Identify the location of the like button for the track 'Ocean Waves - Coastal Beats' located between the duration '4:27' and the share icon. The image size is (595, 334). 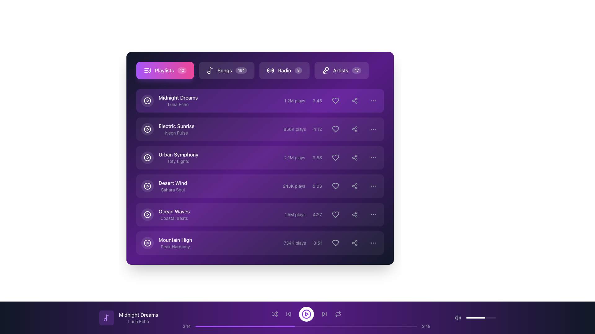
(331, 214).